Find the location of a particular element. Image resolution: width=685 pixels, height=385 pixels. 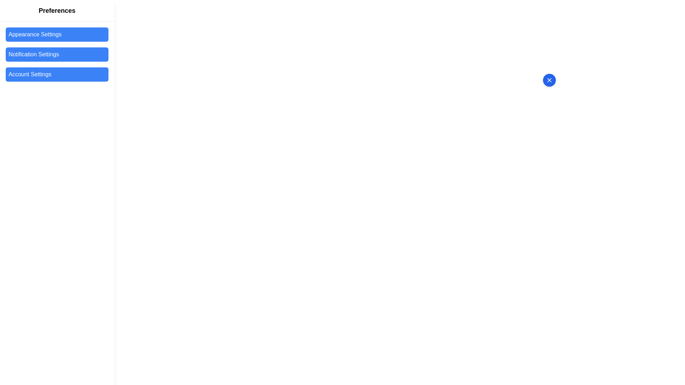

the bold, large-font text labeled 'Preferences' which serves as a header, located at the upper left section of the interface is located at coordinates (56, 11).